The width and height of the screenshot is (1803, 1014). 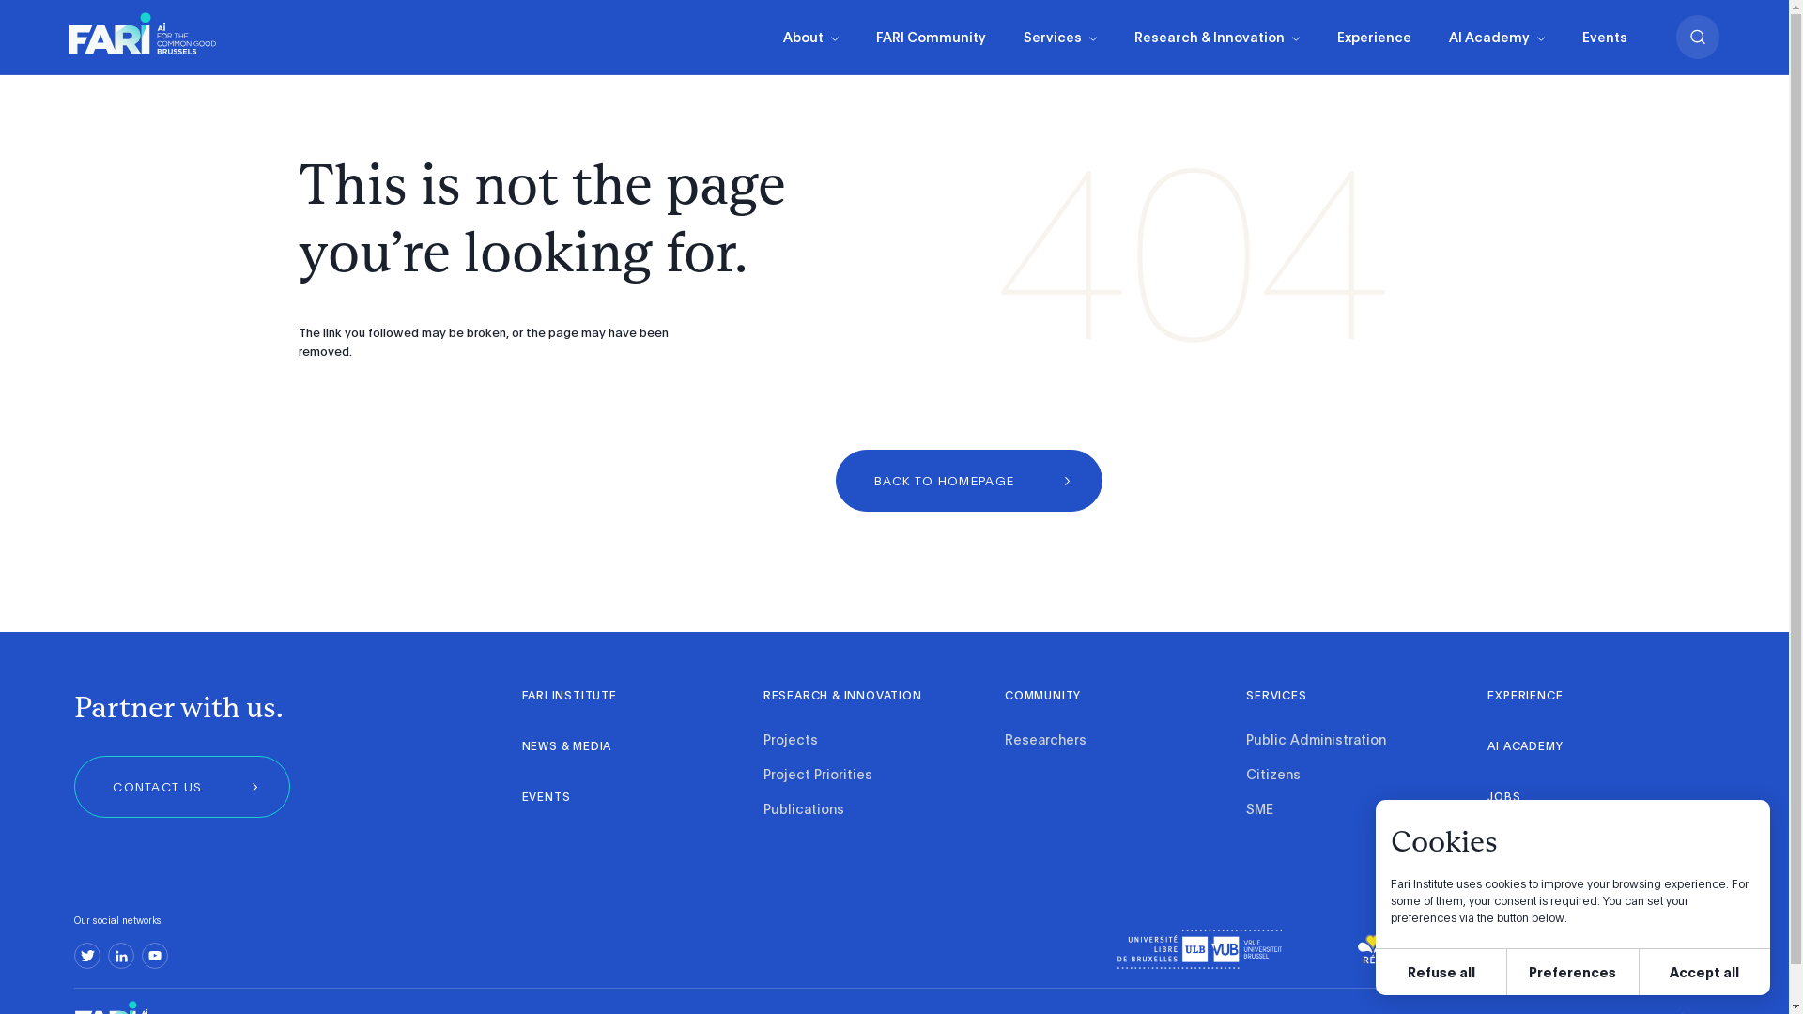 What do you see at coordinates (1374, 37) in the screenshot?
I see `'Experience'` at bounding box center [1374, 37].